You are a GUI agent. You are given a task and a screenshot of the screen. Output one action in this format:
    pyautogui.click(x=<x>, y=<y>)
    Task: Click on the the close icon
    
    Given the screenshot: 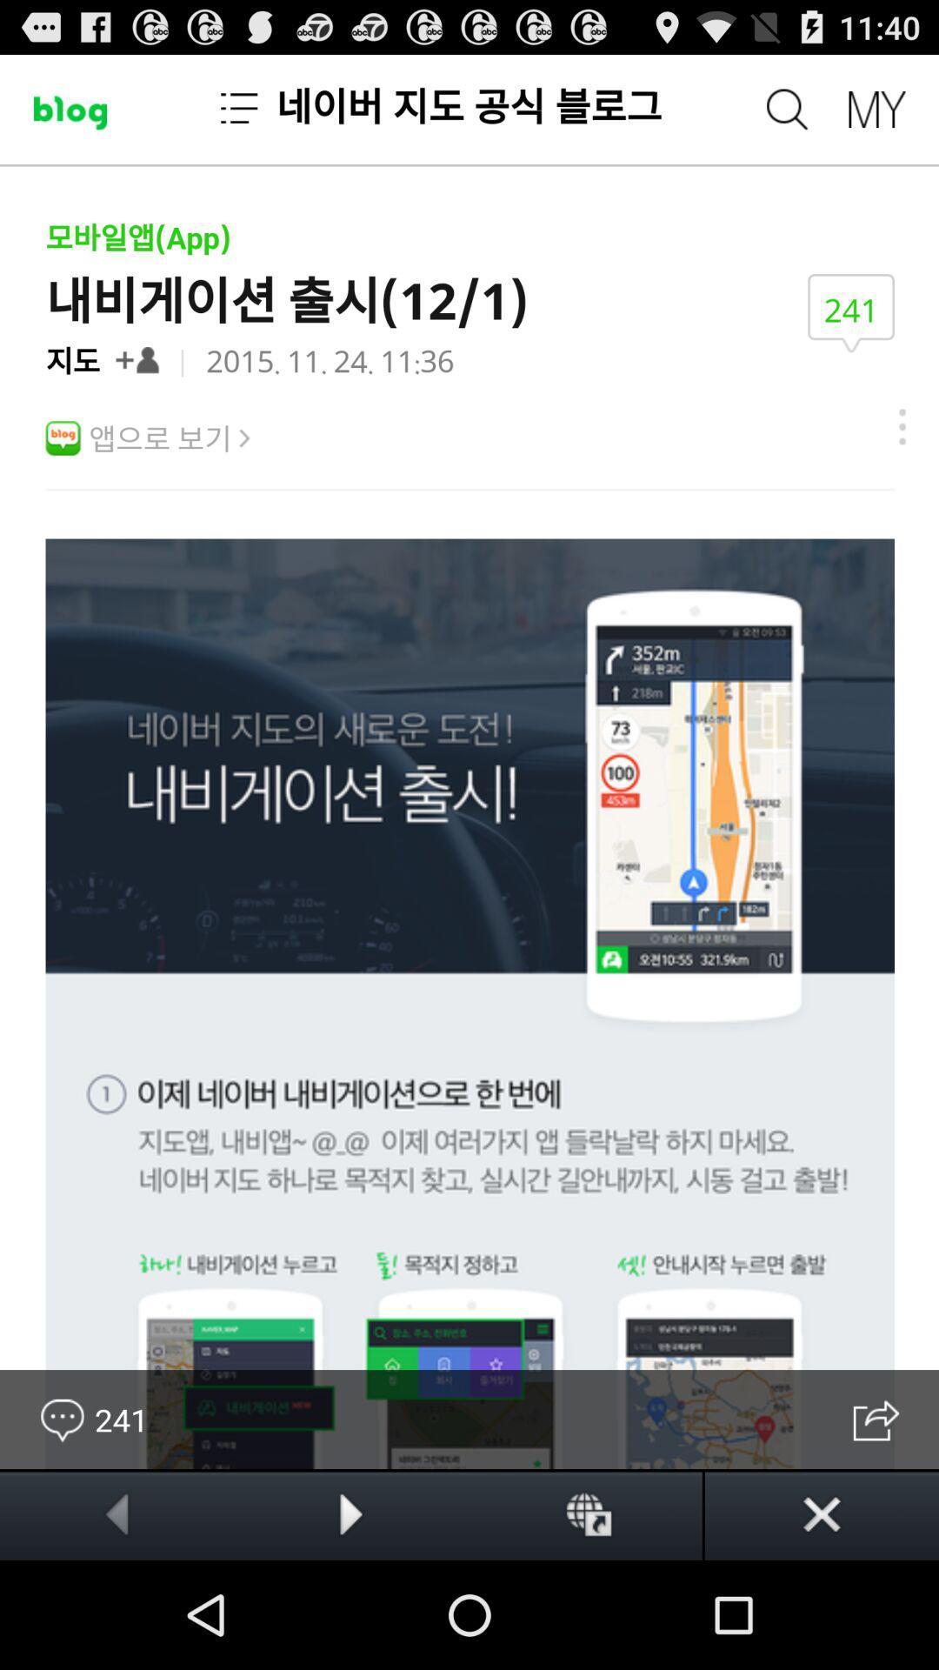 What is the action you would take?
    pyautogui.click(x=822, y=1620)
    